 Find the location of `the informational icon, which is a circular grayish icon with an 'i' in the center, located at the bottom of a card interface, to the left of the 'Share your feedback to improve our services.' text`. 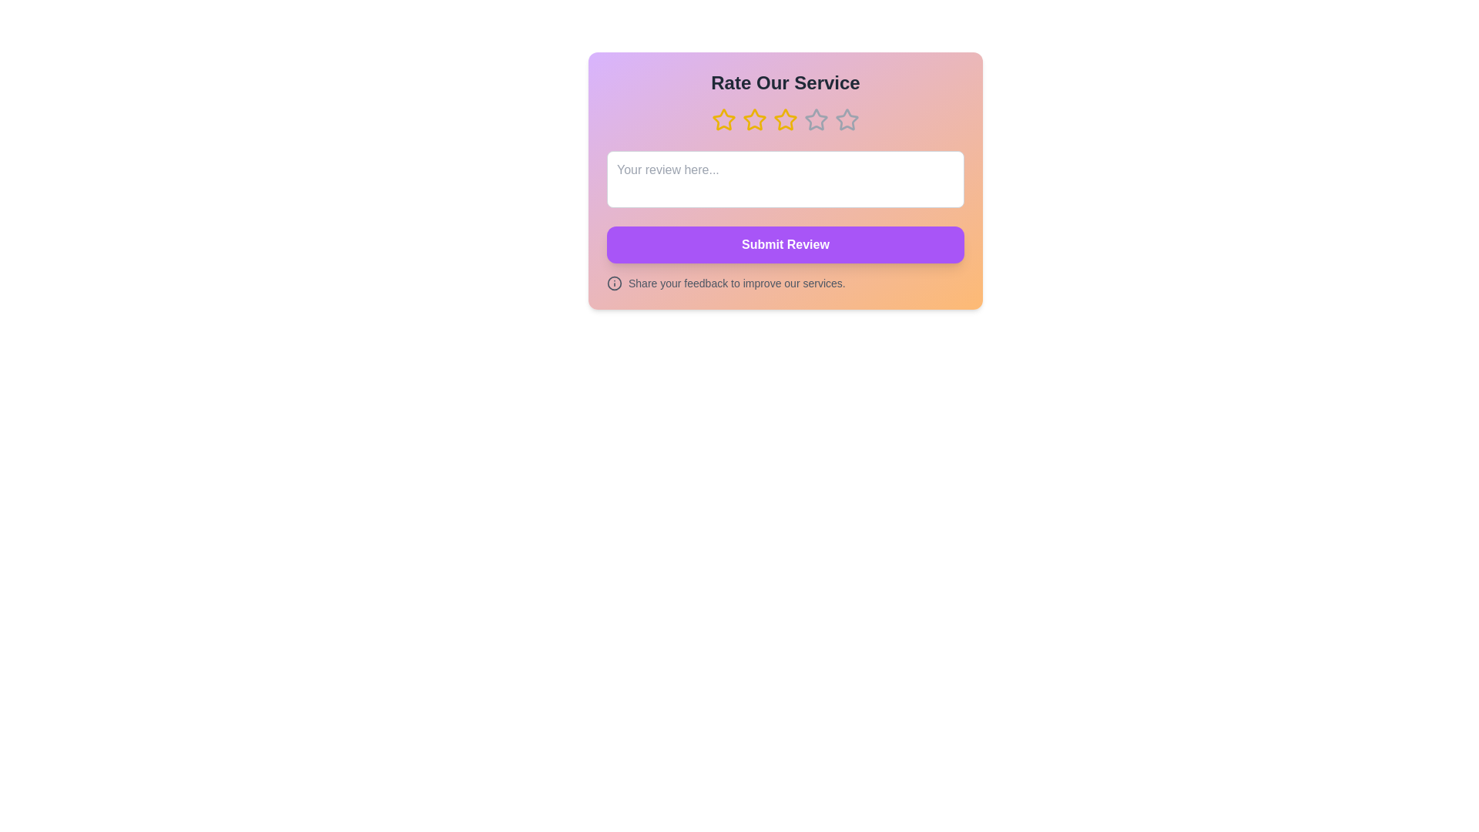

the informational icon, which is a circular grayish icon with an 'i' in the center, located at the bottom of a card interface, to the left of the 'Share your feedback to improve our services.' text is located at coordinates (613, 283).